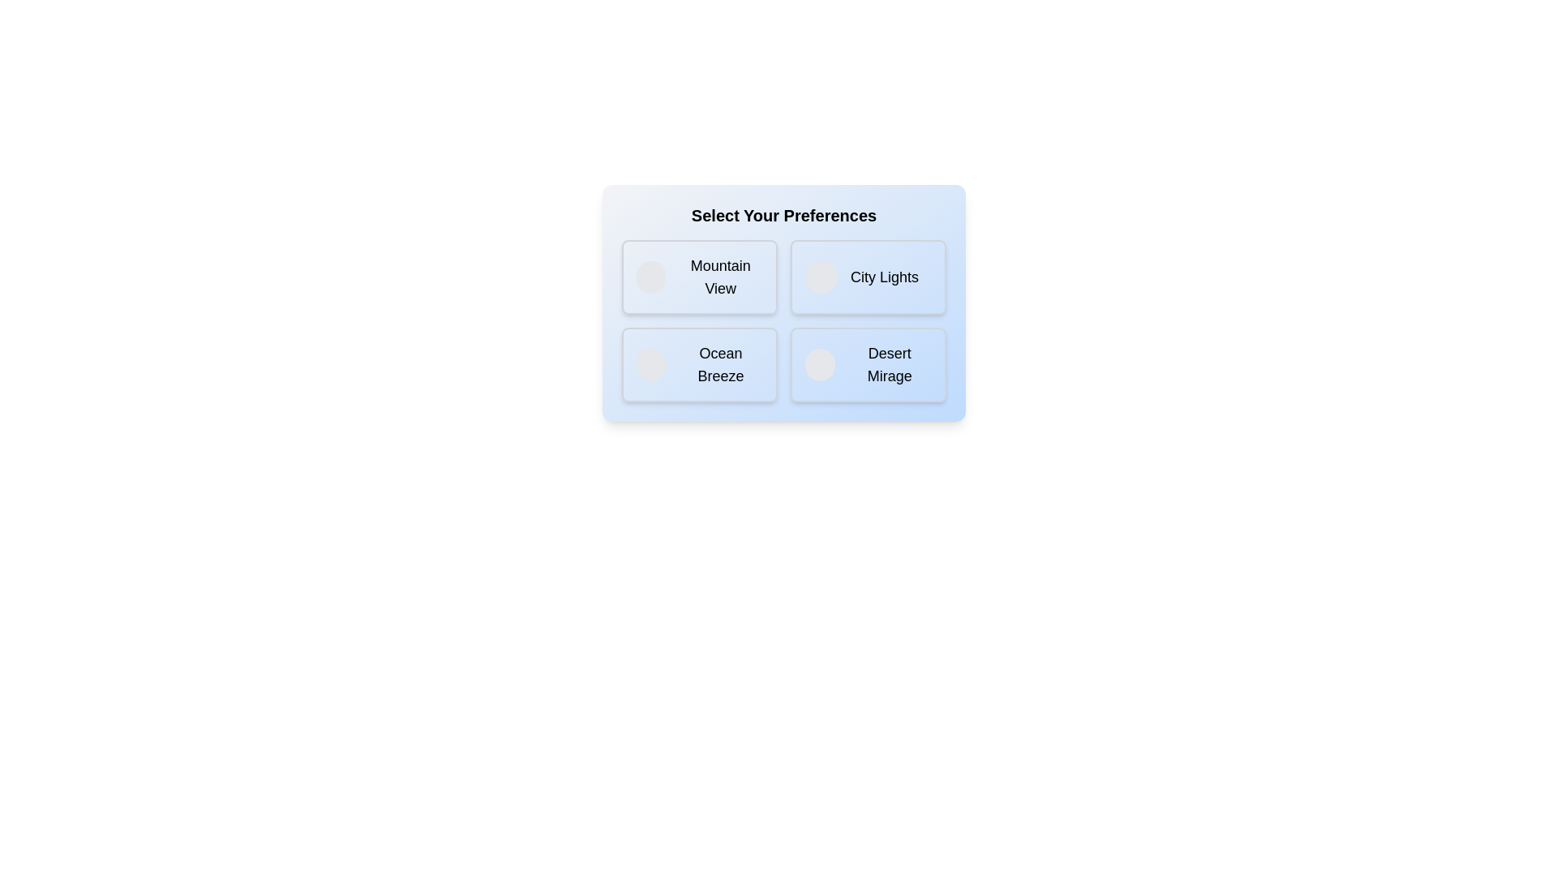 Image resolution: width=1557 pixels, height=876 pixels. I want to click on the option labeled Ocean Breeze to observe visual feedback, so click(700, 365).